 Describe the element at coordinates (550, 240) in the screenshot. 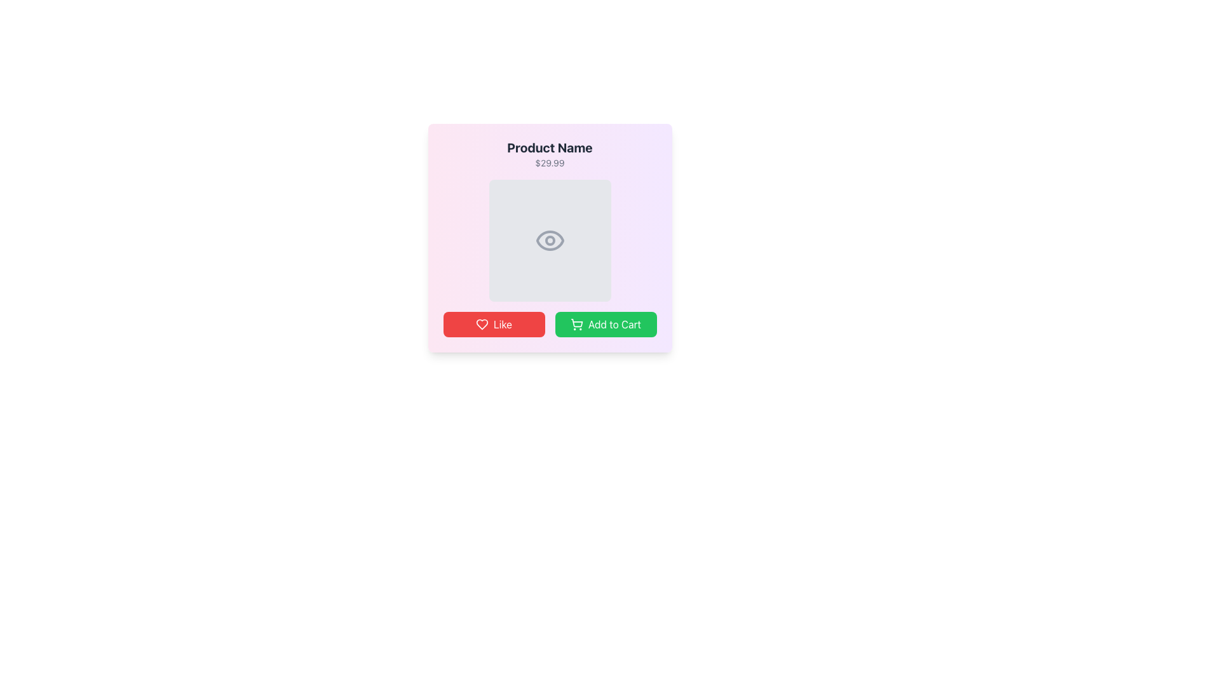

I see `the eye icon` at that location.